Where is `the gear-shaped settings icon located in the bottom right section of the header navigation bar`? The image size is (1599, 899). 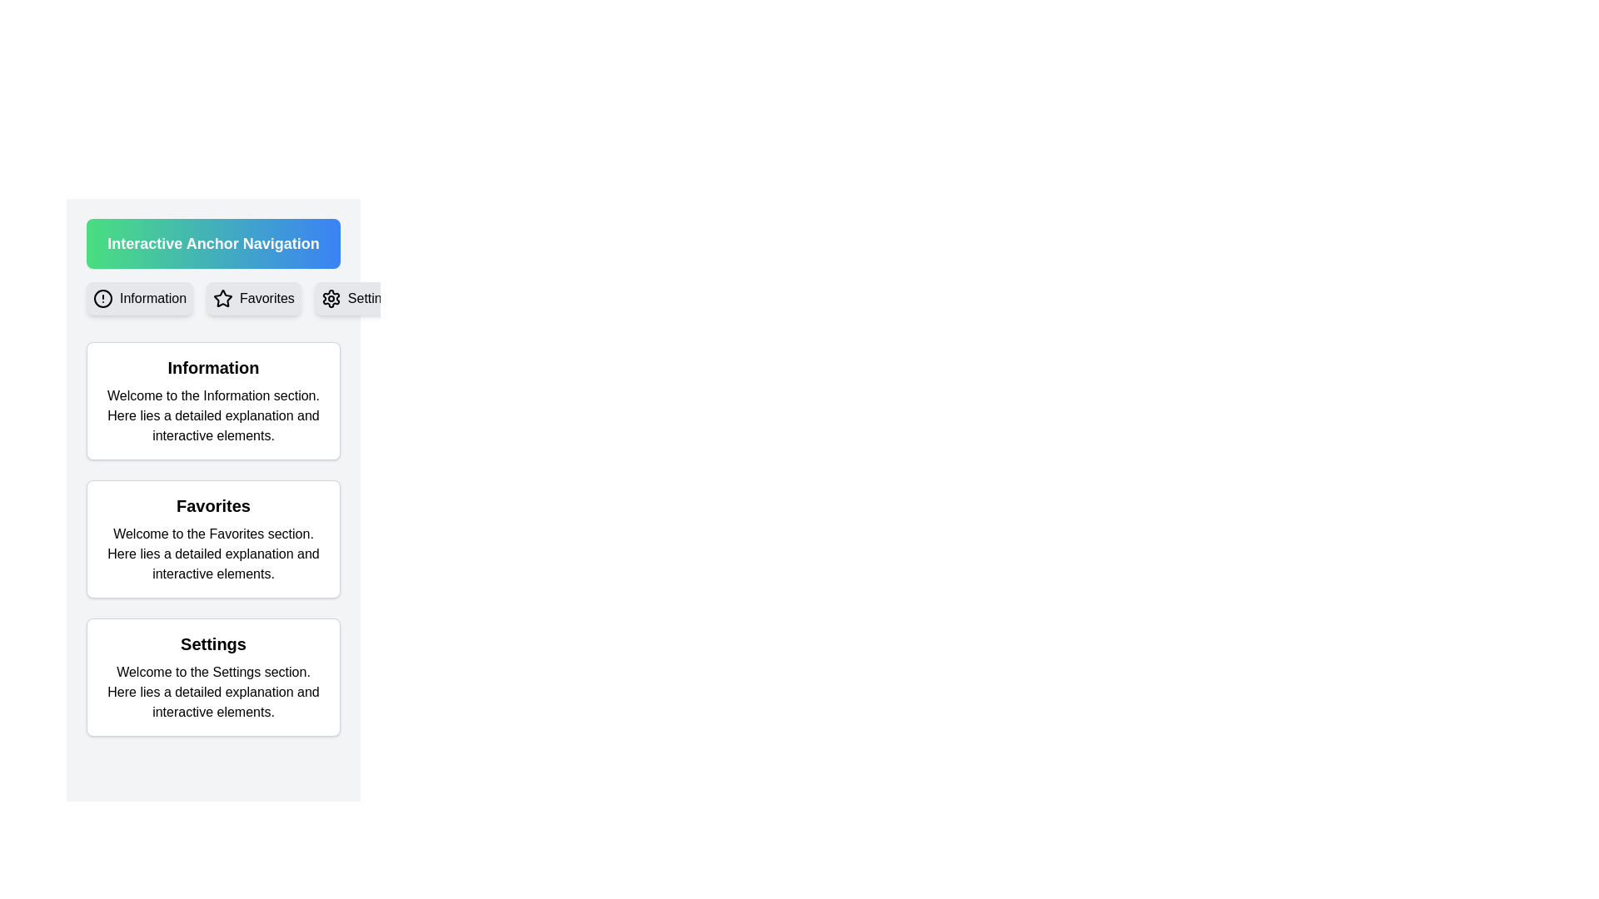 the gear-shaped settings icon located in the bottom right section of the header navigation bar is located at coordinates (331, 297).